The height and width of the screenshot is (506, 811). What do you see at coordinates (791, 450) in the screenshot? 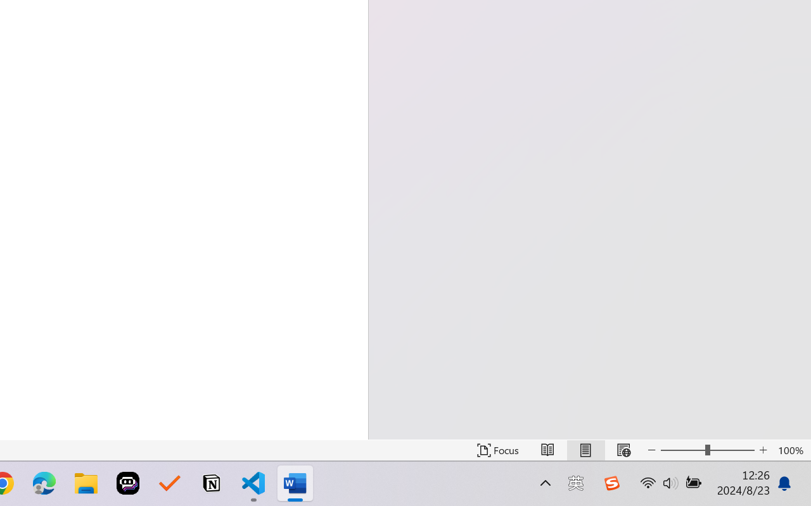
I see `'Zoom 100%'` at bounding box center [791, 450].